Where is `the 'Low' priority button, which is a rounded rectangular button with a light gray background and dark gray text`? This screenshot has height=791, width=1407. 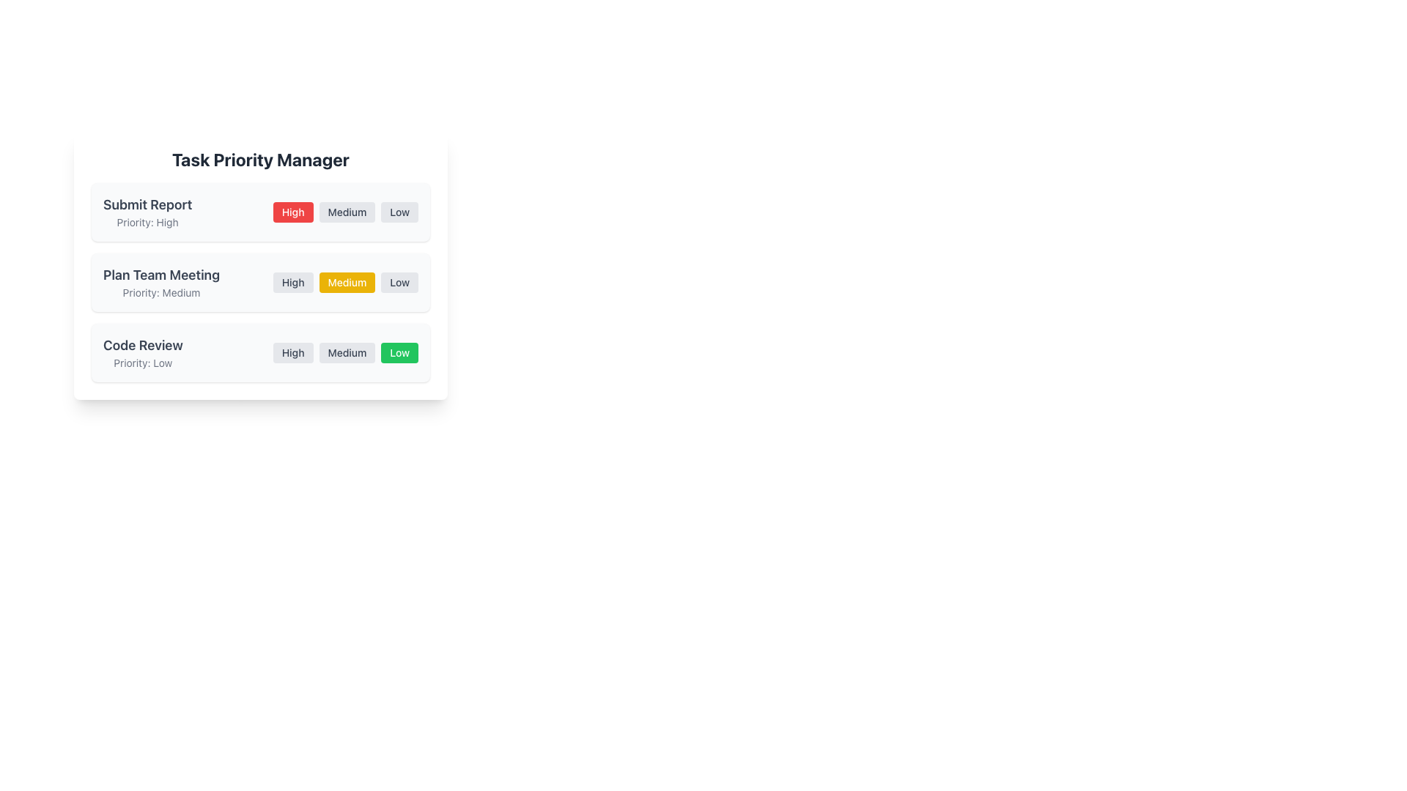
the 'Low' priority button, which is a rounded rectangular button with a light gray background and dark gray text is located at coordinates (399, 212).